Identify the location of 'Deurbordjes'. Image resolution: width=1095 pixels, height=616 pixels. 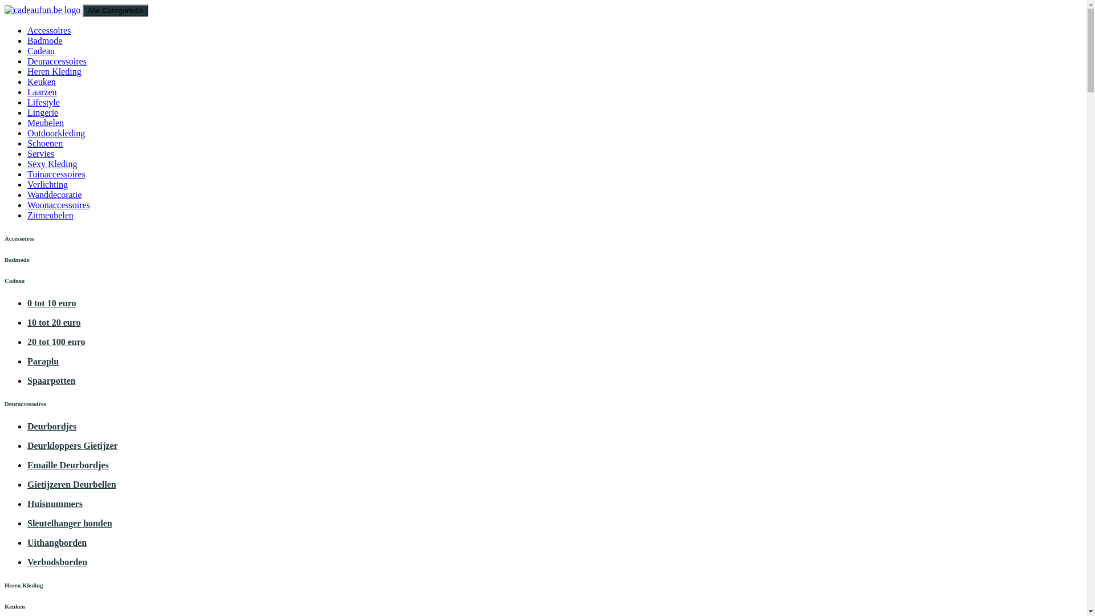
(27, 426).